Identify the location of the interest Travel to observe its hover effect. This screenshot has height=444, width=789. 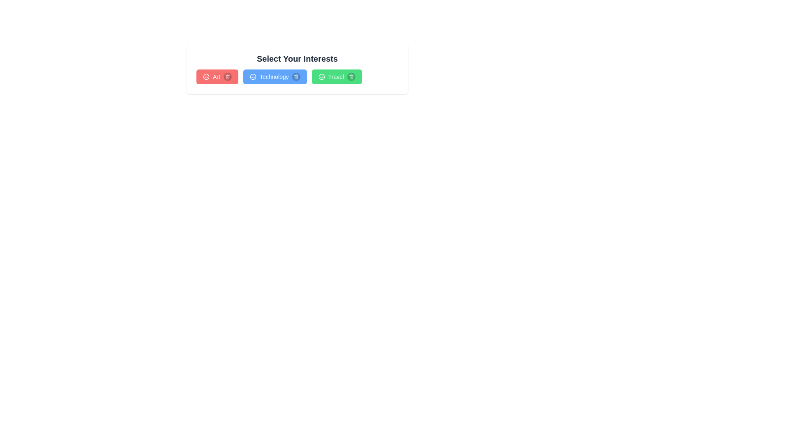
(337, 76).